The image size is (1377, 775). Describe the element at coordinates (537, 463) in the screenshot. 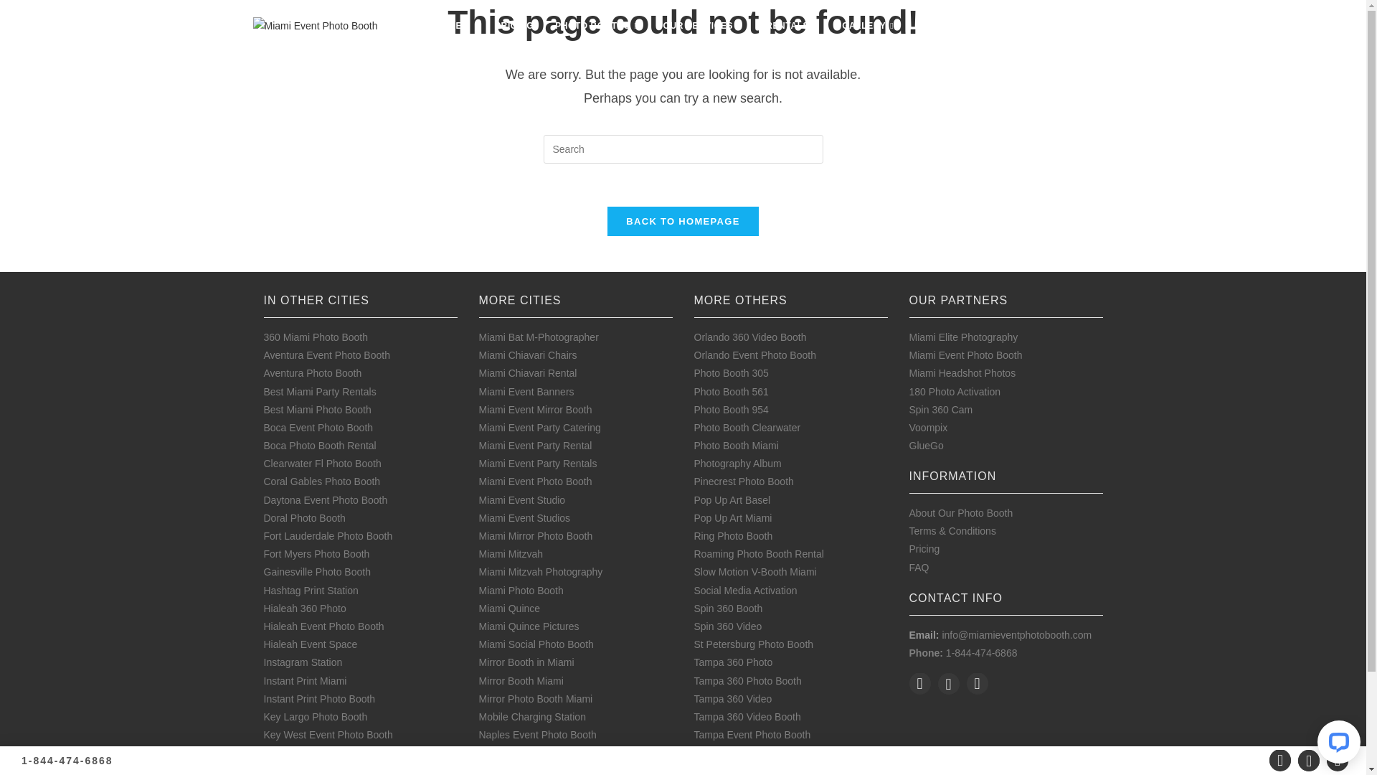

I see `'Miami Event Party Rentals'` at that location.